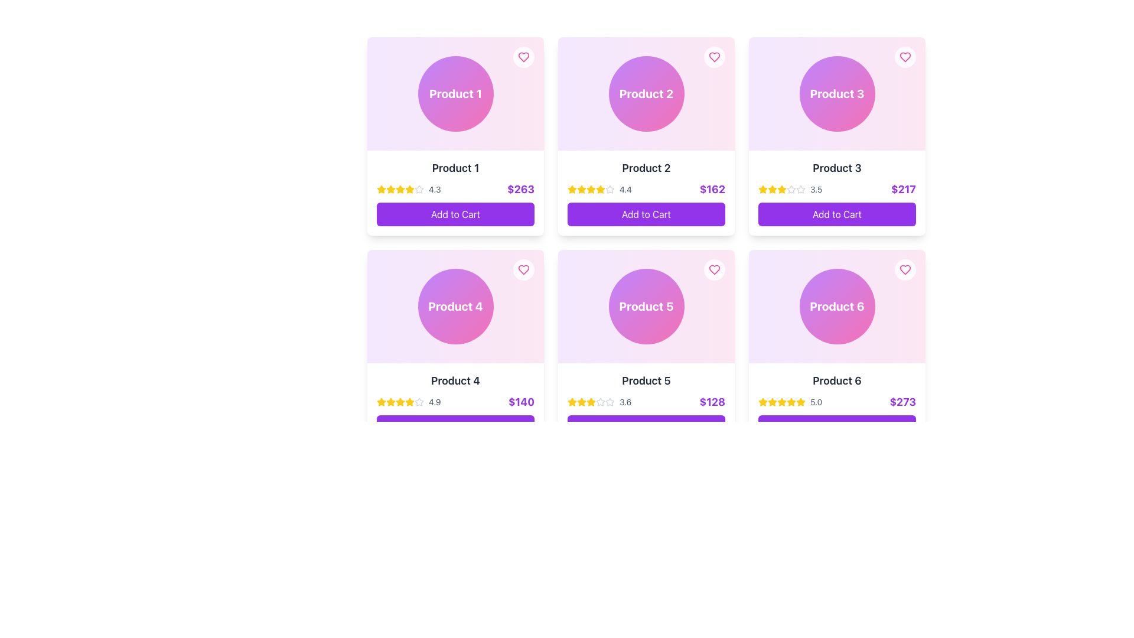 The width and height of the screenshot is (1134, 638). What do you see at coordinates (601, 401) in the screenshot?
I see `the fourth star-shaped icon in the rating row under the product card titled 'Product 5'` at bounding box center [601, 401].